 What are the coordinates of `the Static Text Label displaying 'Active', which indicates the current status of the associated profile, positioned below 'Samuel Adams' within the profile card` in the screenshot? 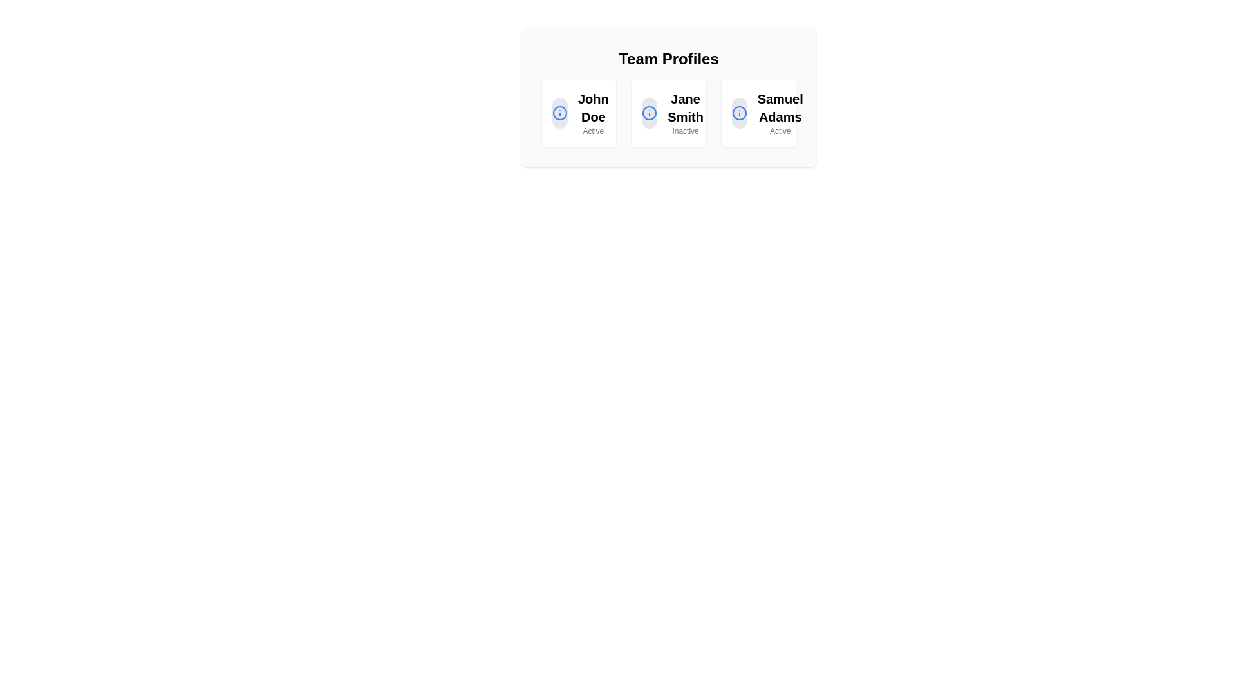 It's located at (780, 131).